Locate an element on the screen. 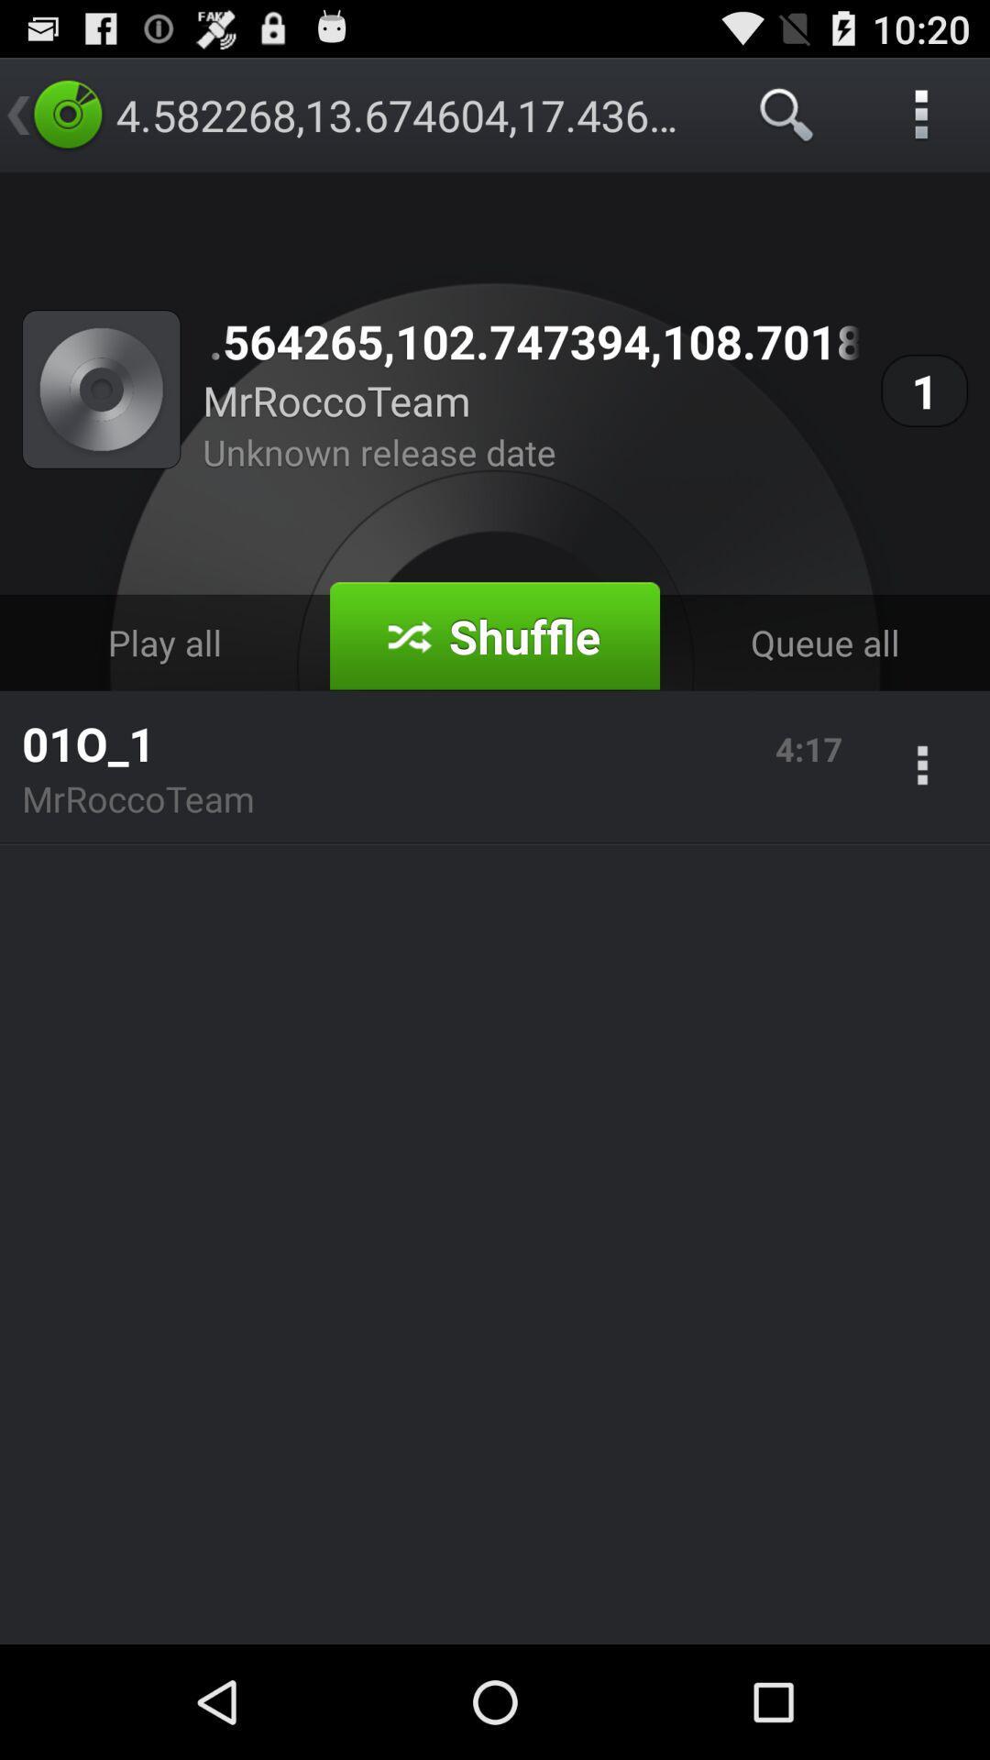 The image size is (990, 1760). the icon to the right of 4:17 item is located at coordinates (922, 767).